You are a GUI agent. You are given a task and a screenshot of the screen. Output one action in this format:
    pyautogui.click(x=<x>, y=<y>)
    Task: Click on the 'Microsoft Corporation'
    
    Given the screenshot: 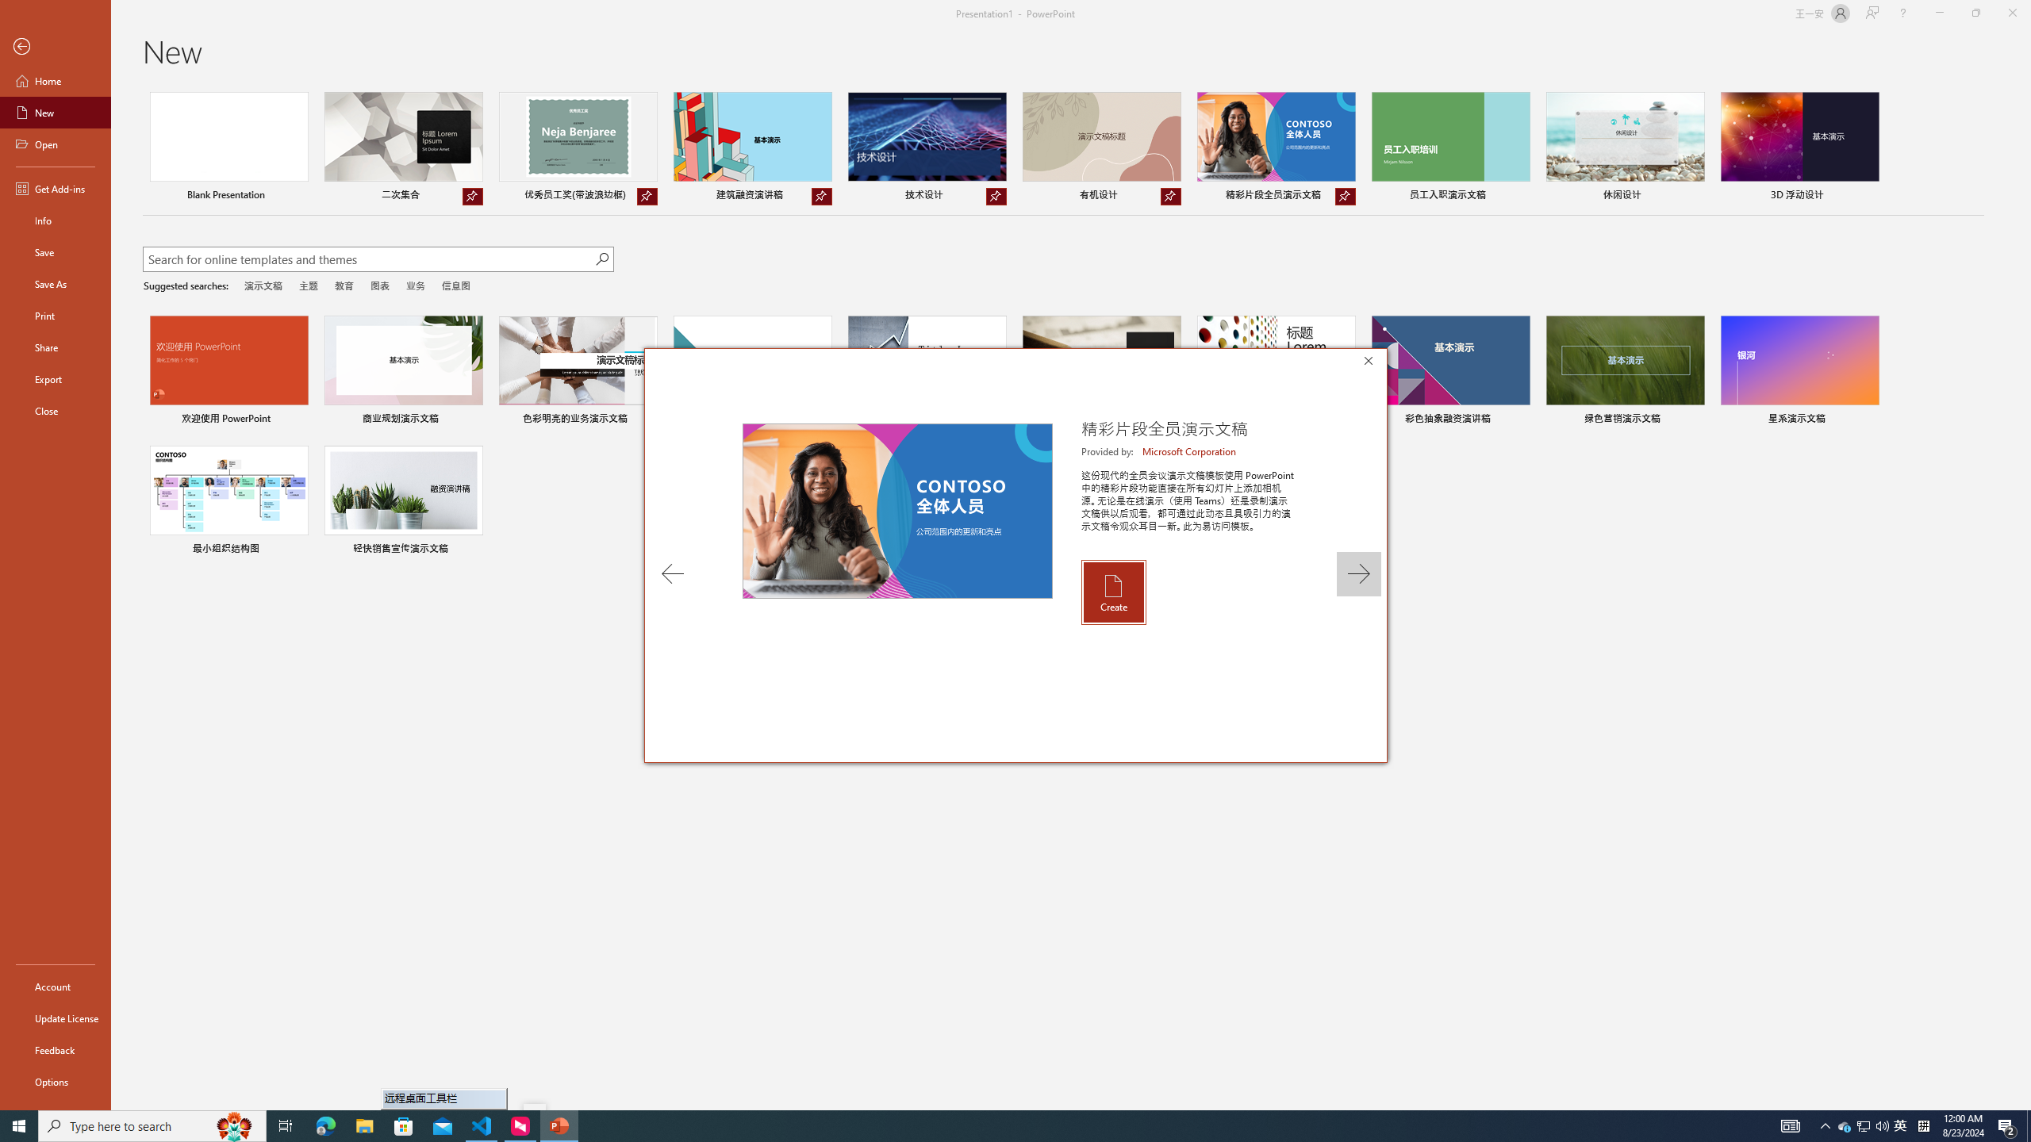 What is the action you would take?
    pyautogui.click(x=1190, y=450)
    